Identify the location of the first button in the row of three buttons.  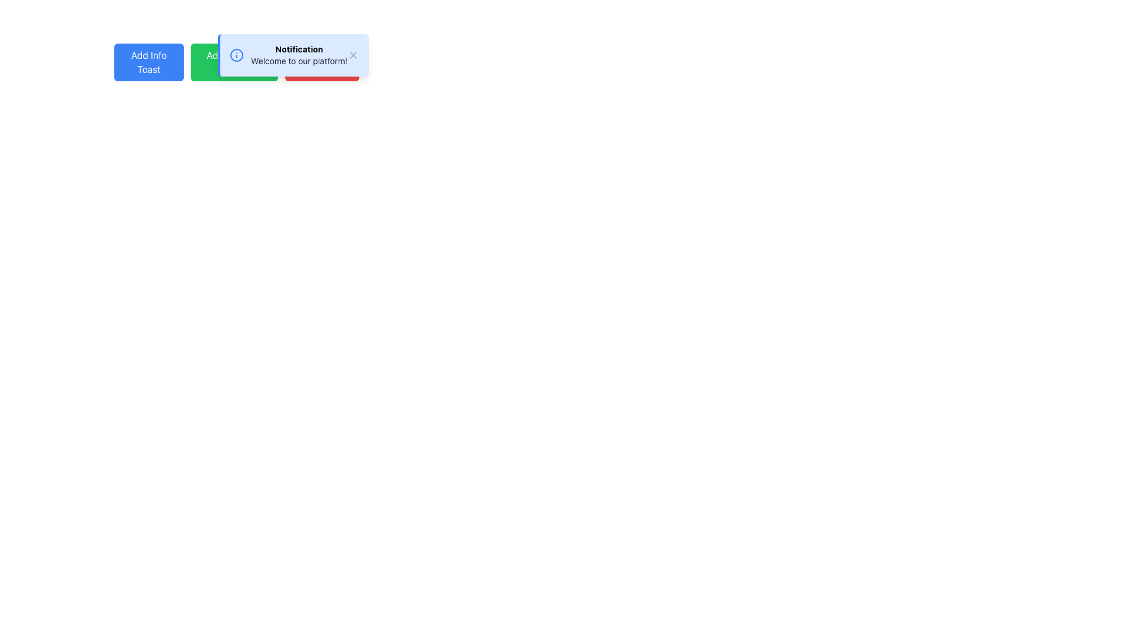
(148, 62).